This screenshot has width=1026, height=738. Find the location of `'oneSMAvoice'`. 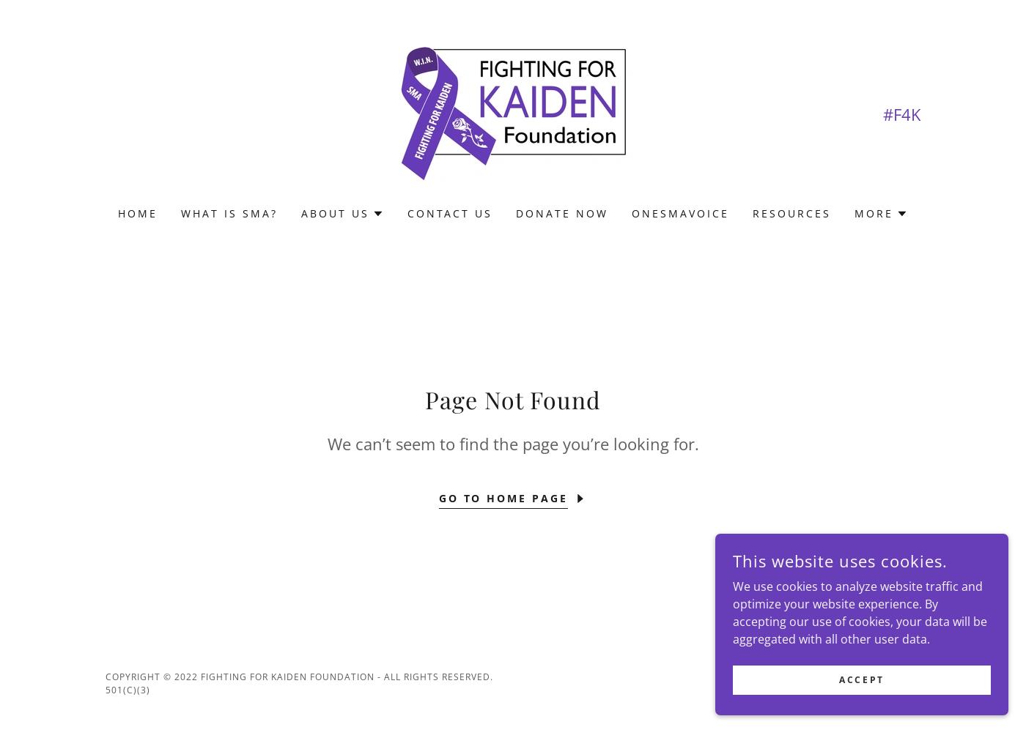

'oneSMAvoice' is located at coordinates (679, 213).